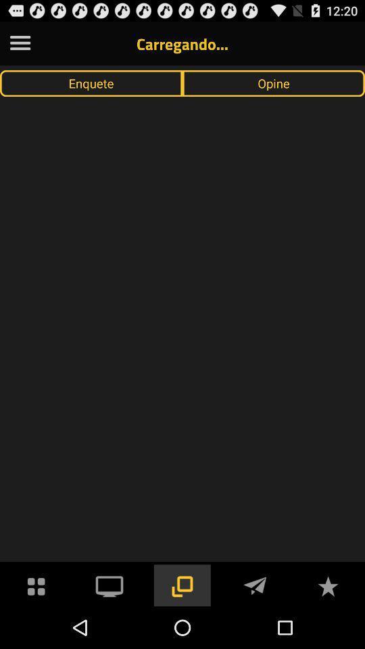  Describe the element at coordinates (20, 43) in the screenshot. I see `open the side menu` at that location.